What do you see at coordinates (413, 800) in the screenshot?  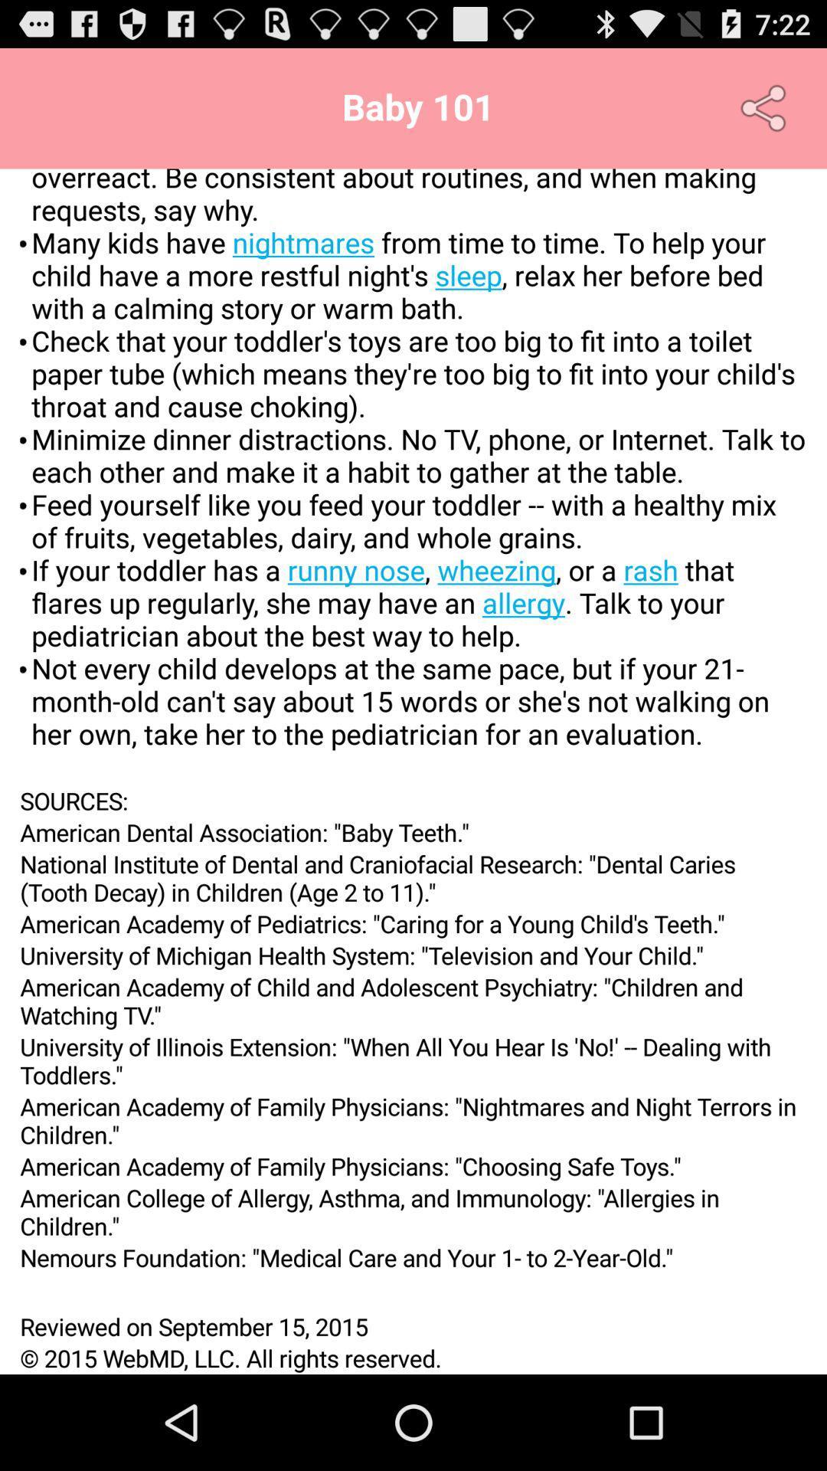 I see `item above the american dental association icon` at bounding box center [413, 800].